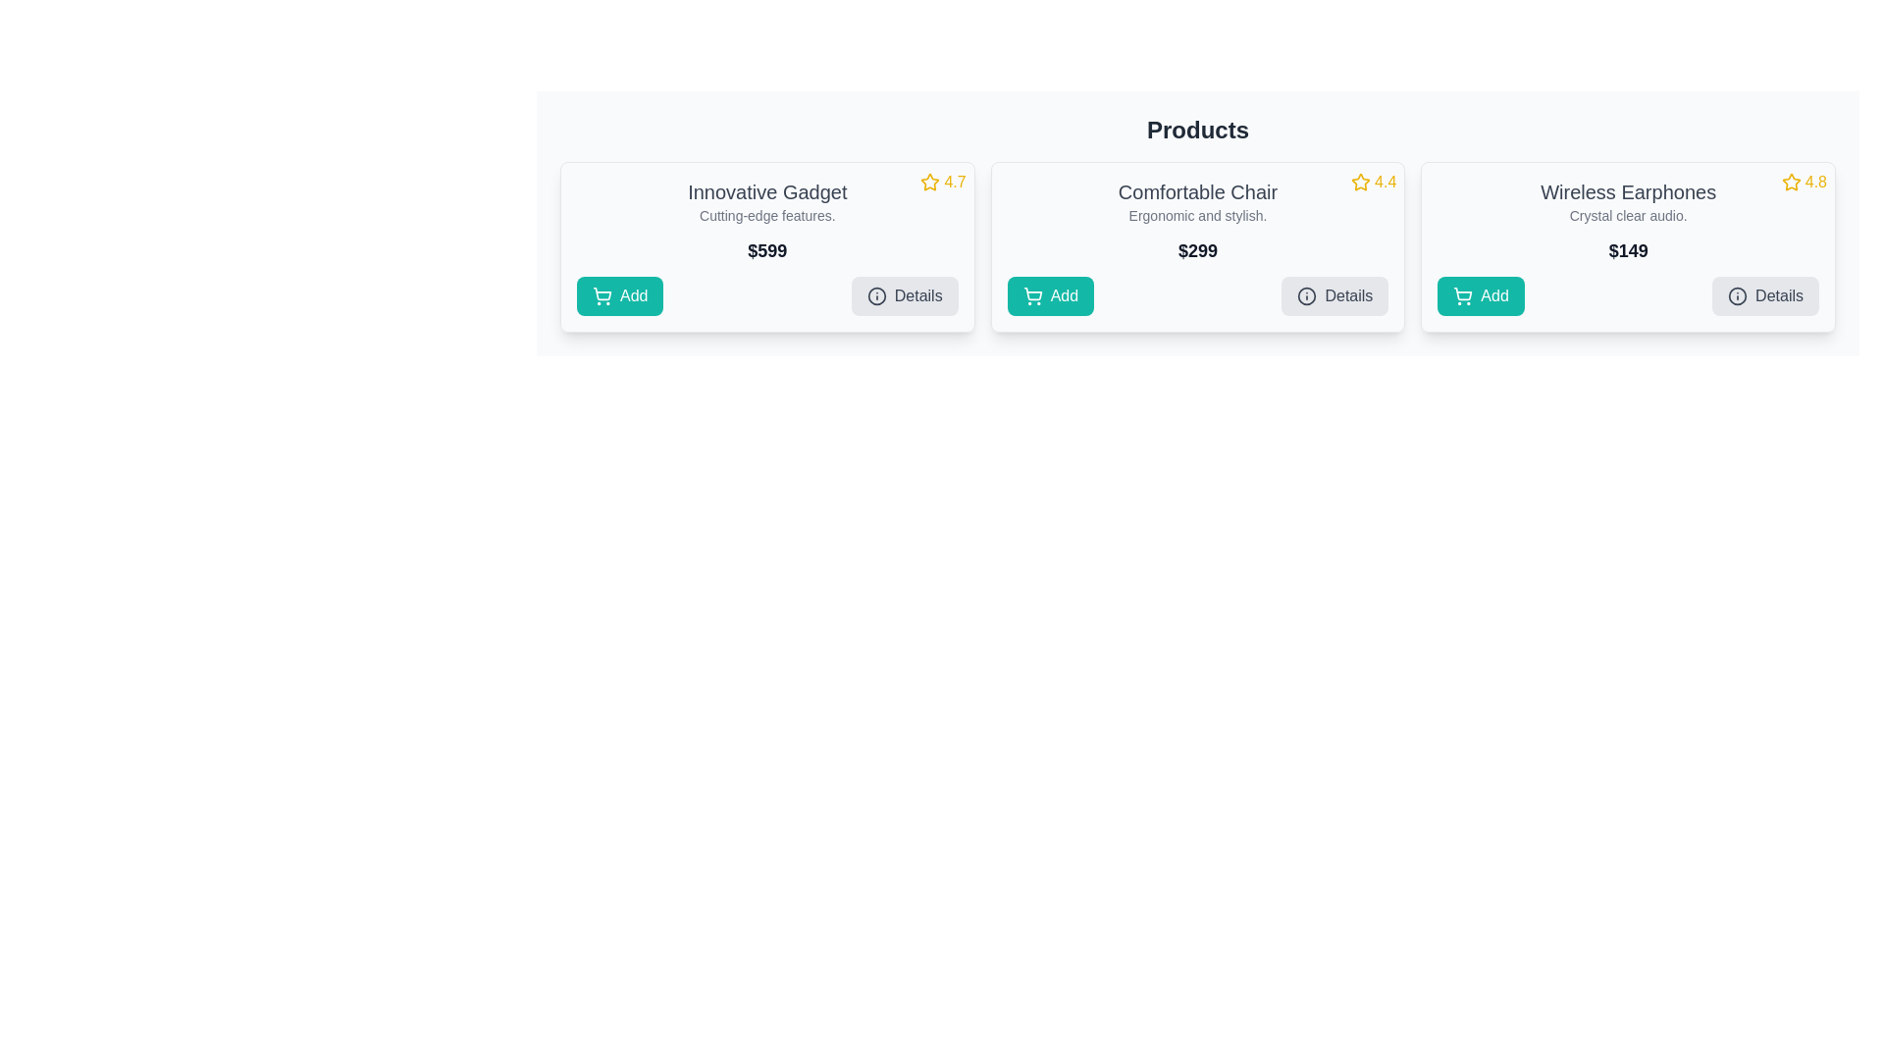 The height and width of the screenshot is (1060, 1884). What do you see at coordinates (1791, 182) in the screenshot?
I see `the star icon with a yellow outline located in the top-right corner of the 'Wireless Earphones' product card, which aligns with the 4.8 rating text to its right` at bounding box center [1791, 182].